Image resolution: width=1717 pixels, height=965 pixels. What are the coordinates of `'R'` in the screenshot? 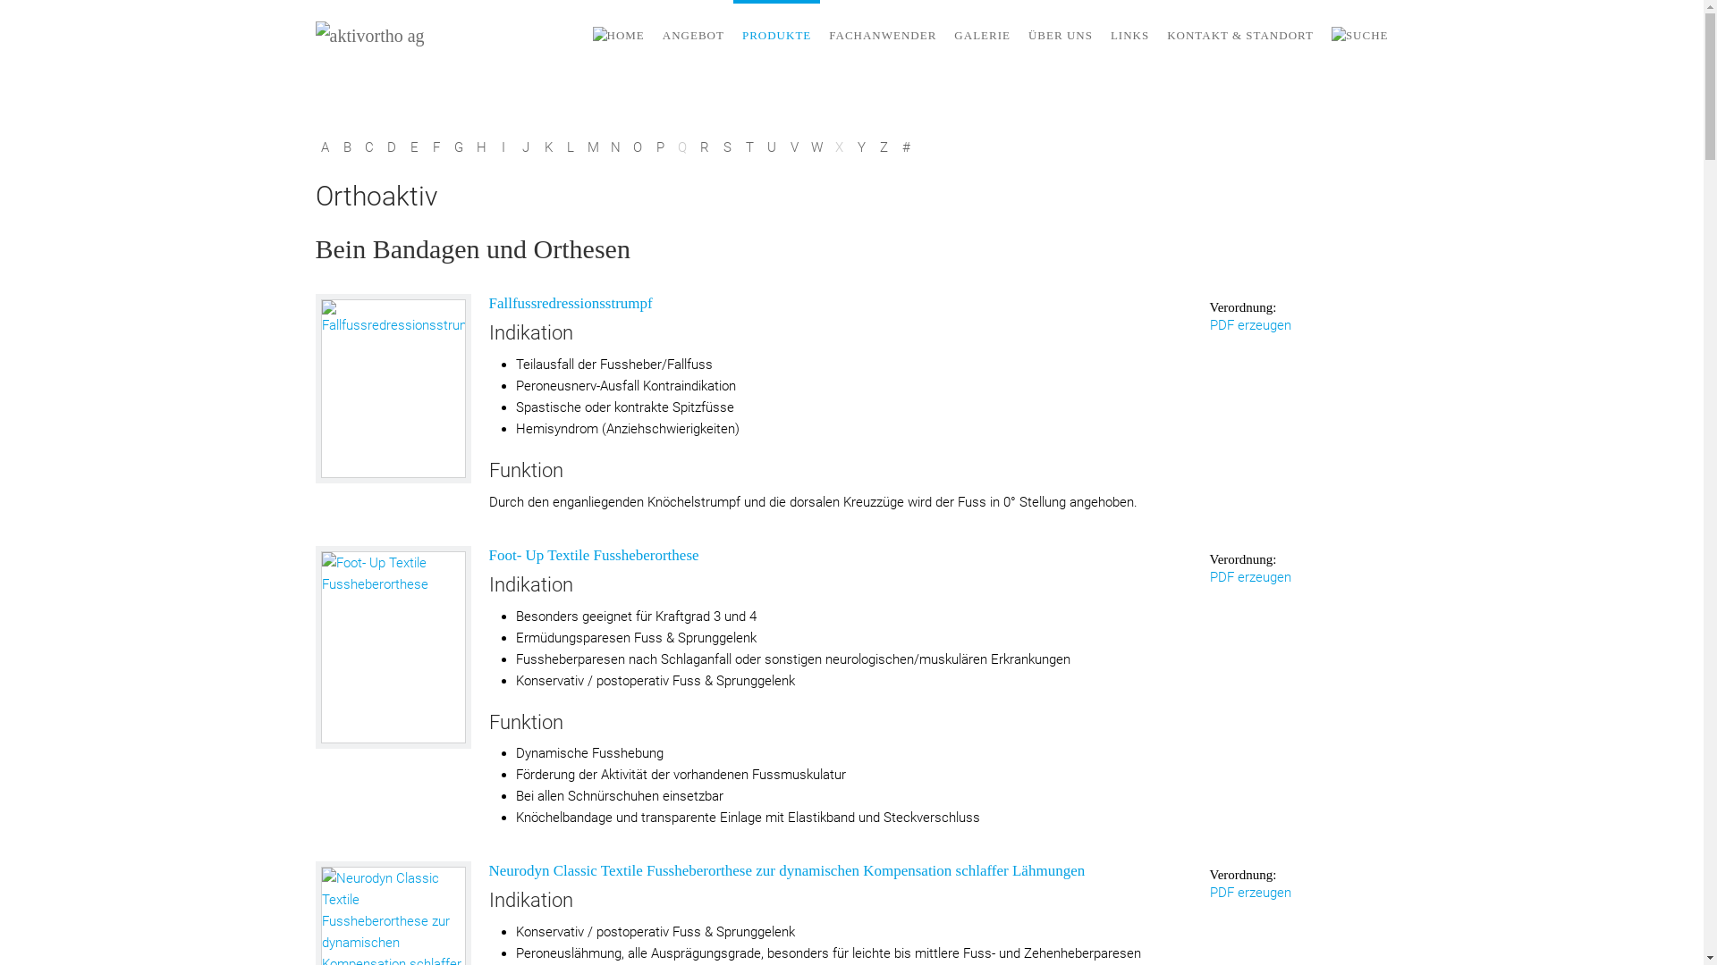 It's located at (694, 147).